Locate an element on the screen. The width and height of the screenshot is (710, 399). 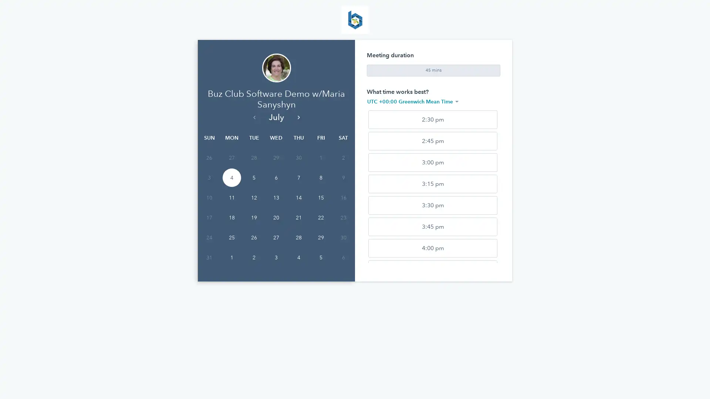
July 6th is located at coordinates (276, 178).